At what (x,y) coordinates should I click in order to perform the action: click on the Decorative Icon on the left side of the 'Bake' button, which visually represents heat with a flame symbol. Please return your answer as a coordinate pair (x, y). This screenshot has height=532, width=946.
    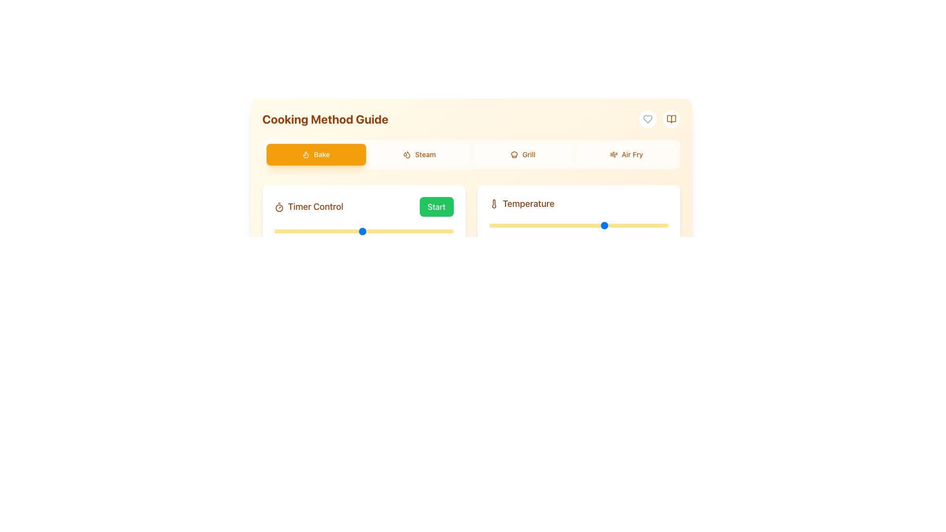
    Looking at the image, I should click on (305, 154).